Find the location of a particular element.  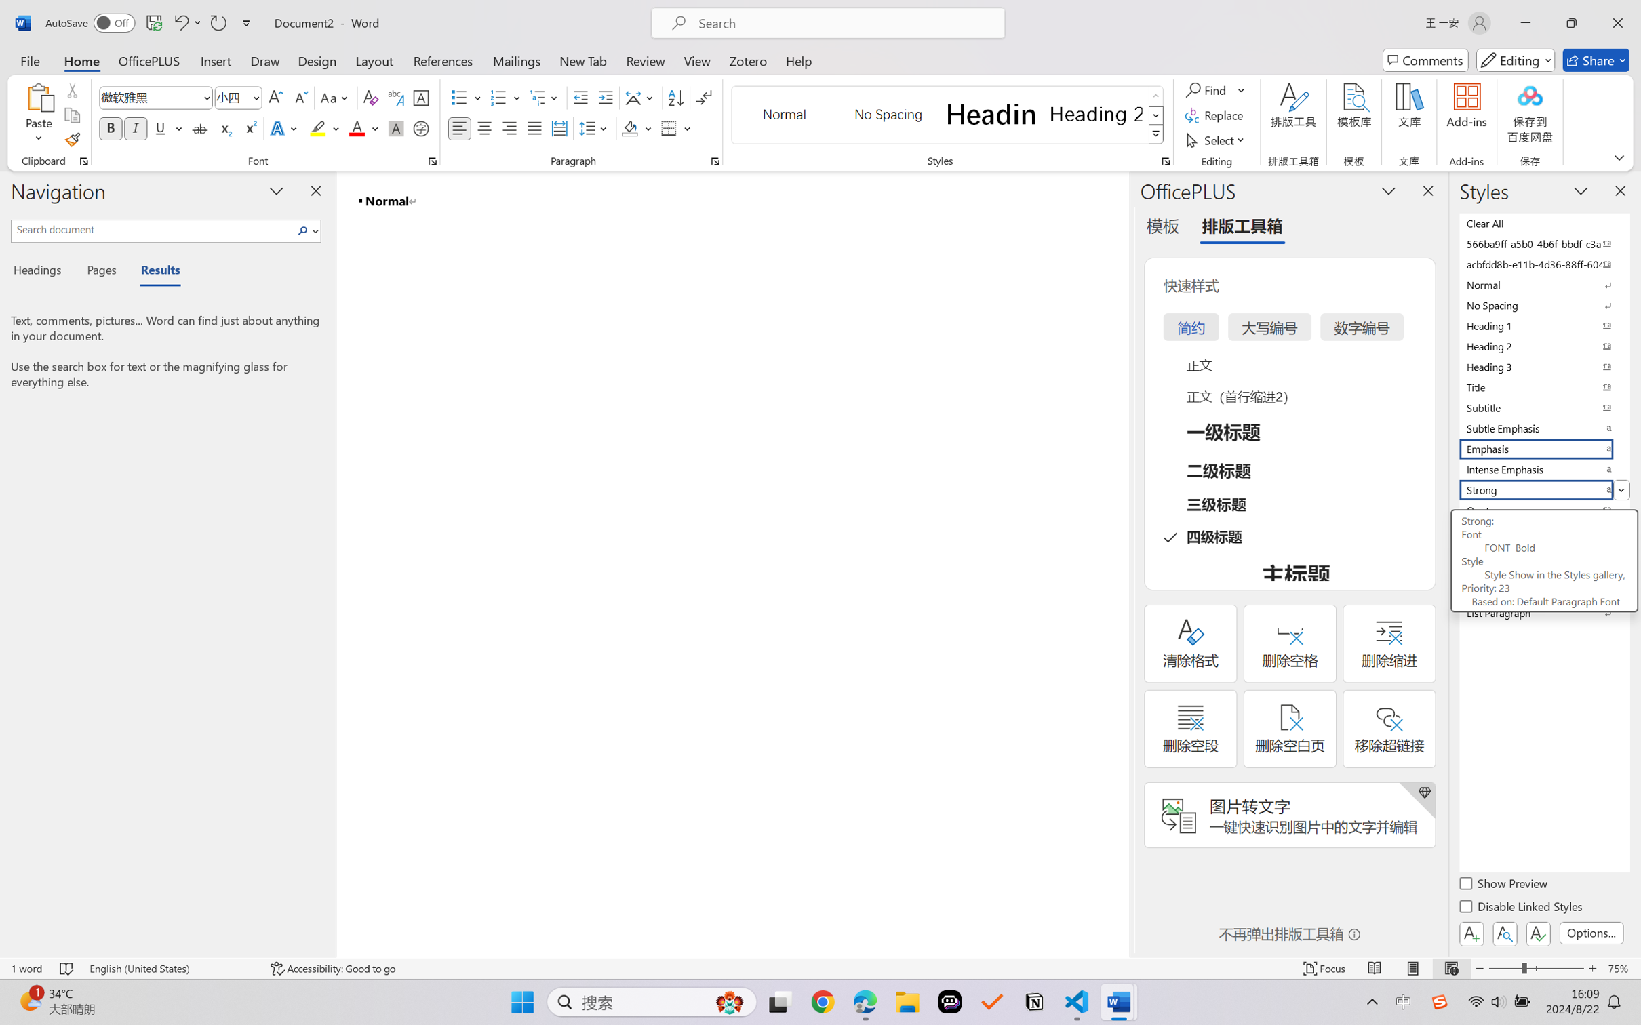

'Heading 2' is located at coordinates (1096, 114).